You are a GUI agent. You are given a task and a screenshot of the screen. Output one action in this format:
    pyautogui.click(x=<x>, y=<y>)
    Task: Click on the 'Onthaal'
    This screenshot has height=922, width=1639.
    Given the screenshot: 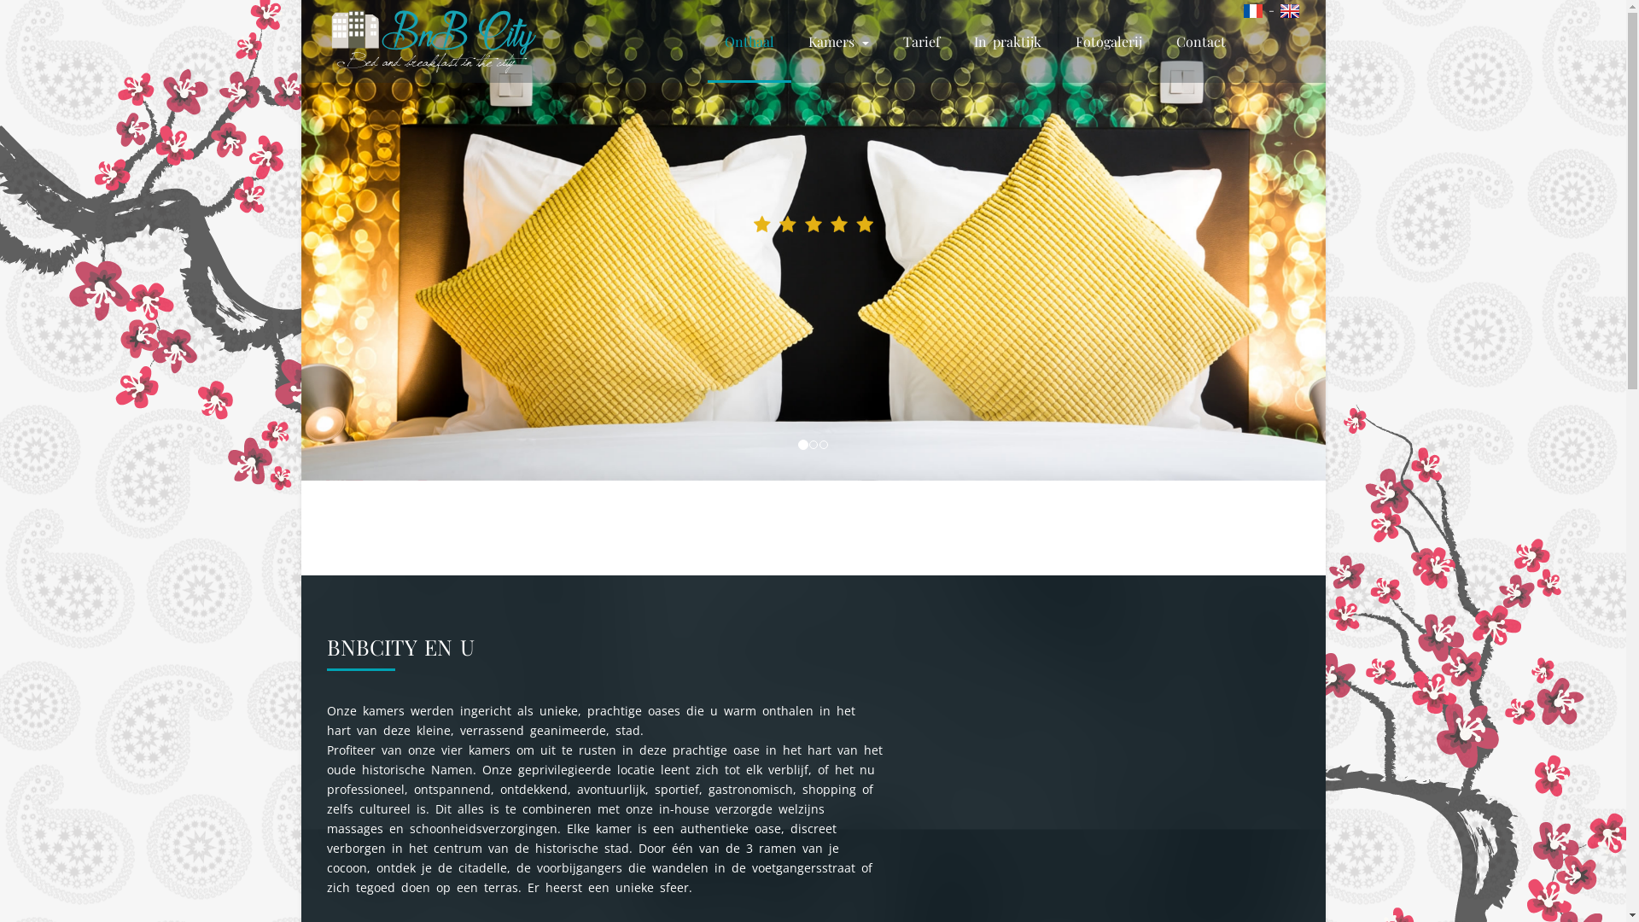 What is the action you would take?
    pyautogui.click(x=707, y=40)
    